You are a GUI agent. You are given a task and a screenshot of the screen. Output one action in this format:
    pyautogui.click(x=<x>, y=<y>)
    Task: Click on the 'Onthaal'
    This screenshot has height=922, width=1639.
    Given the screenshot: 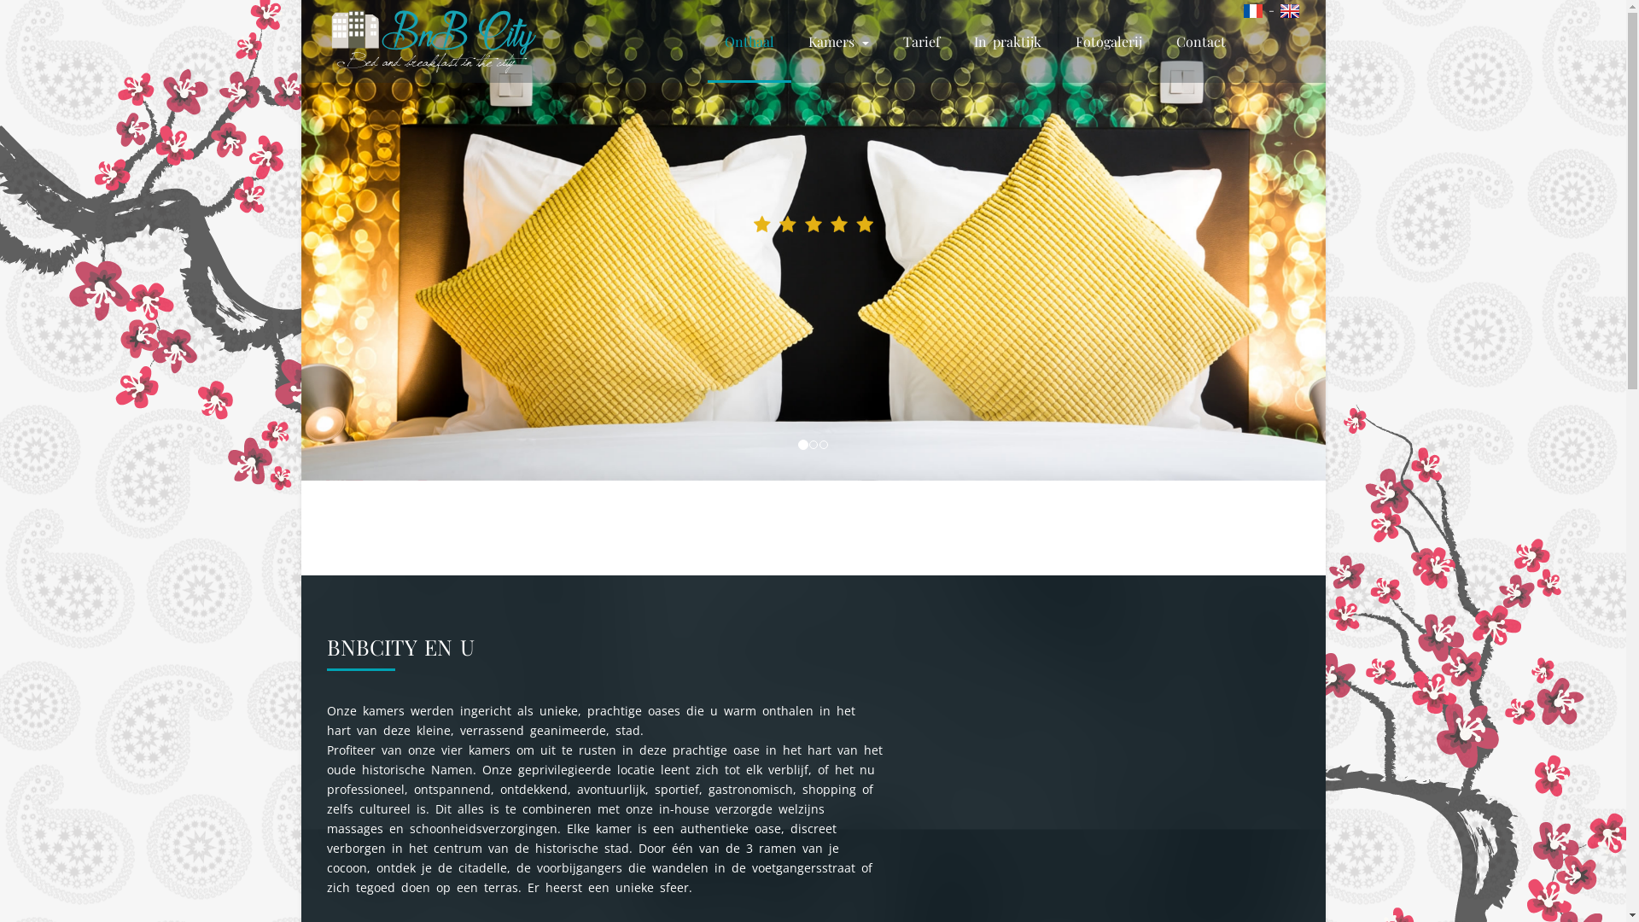 What is the action you would take?
    pyautogui.click(x=707, y=40)
    